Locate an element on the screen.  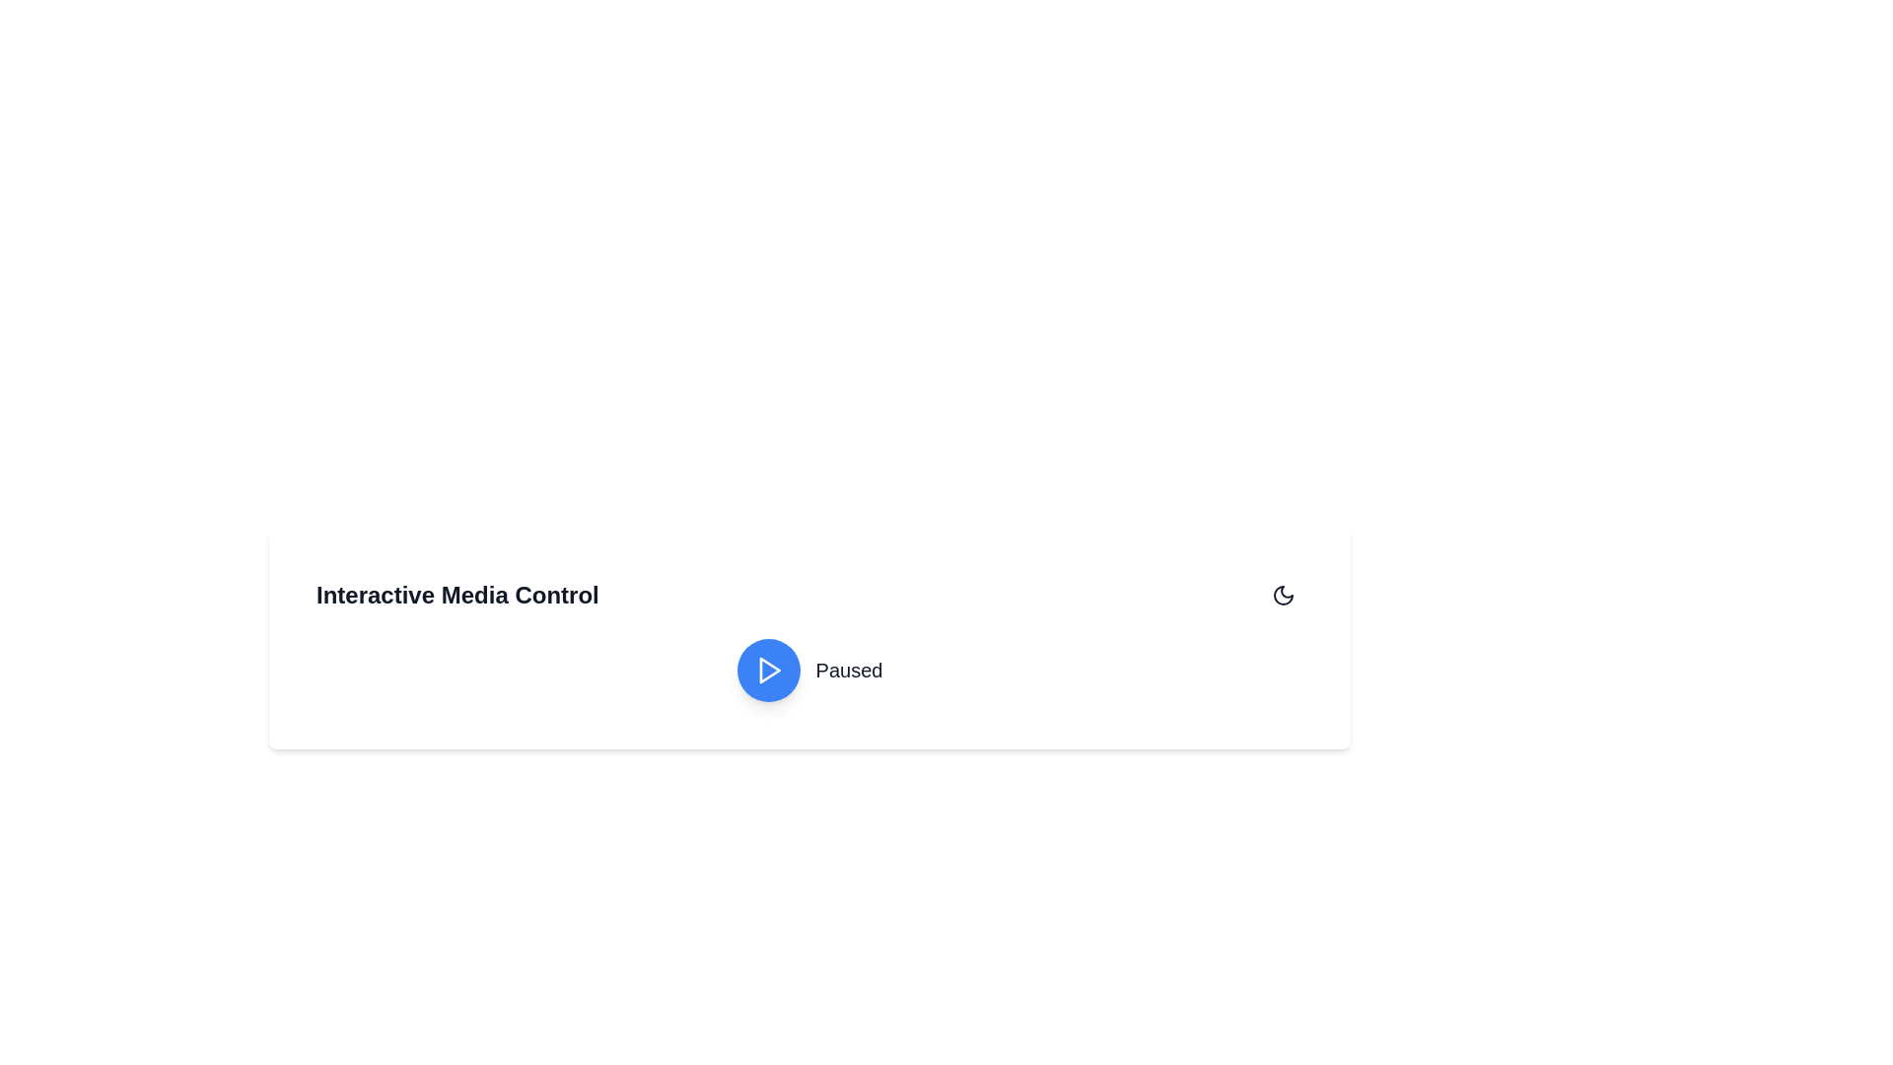
the text label displaying 'Paused', which is styled in bold and larger font, indicating the current state of the media player, located to the right of the blue circular play button is located at coordinates (849, 669).